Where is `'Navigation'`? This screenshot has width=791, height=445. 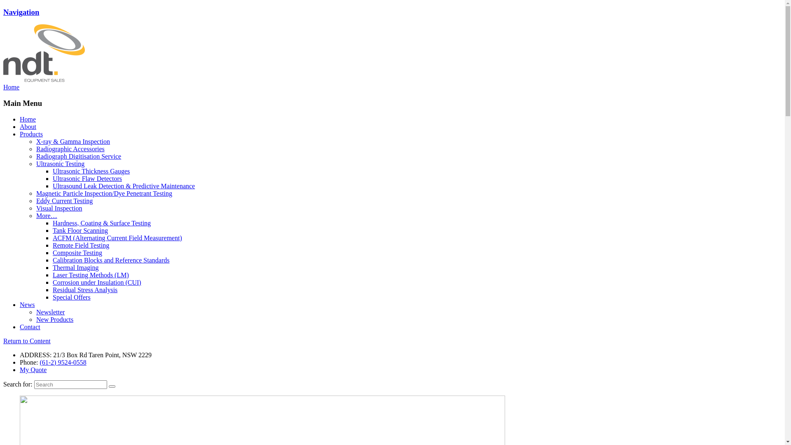
'Navigation' is located at coordinates (21, 12).